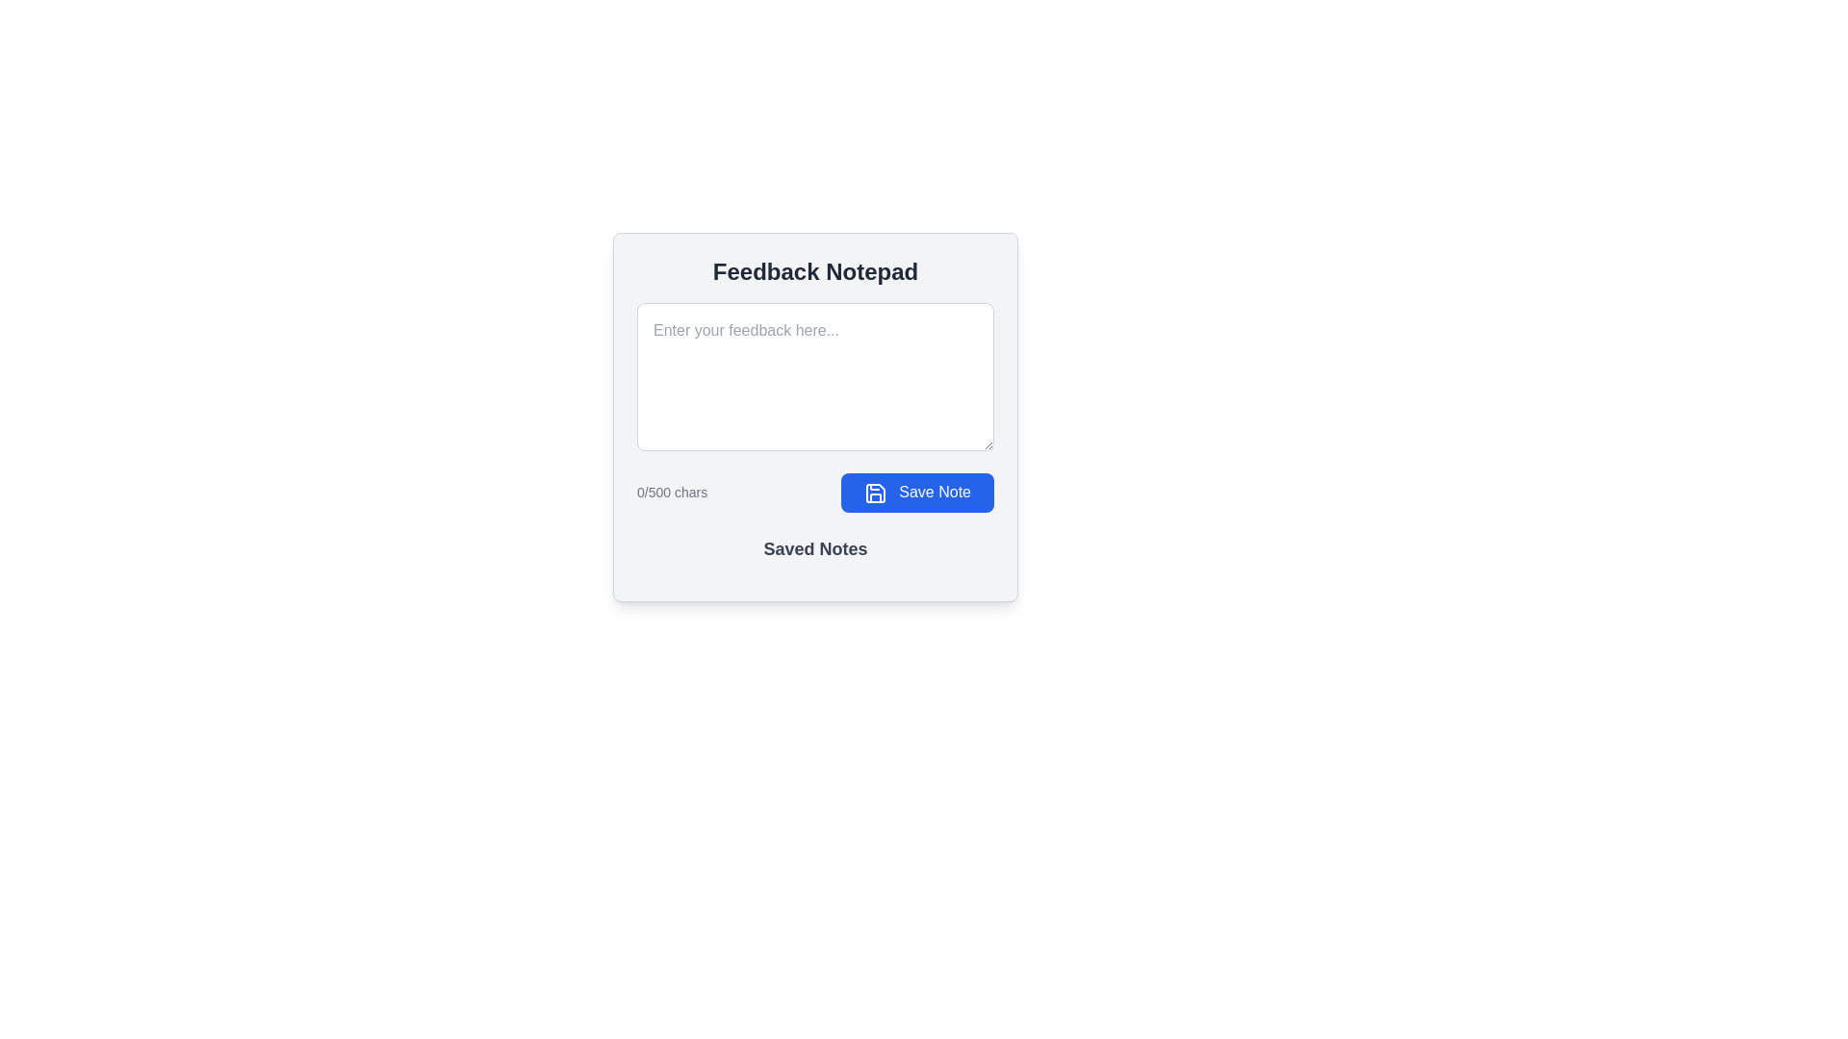  Describe the element at coordinates (916, 492) in the screenshot. I see `the blue 'Save Note' button with a white diskette icon on the left` at that location.